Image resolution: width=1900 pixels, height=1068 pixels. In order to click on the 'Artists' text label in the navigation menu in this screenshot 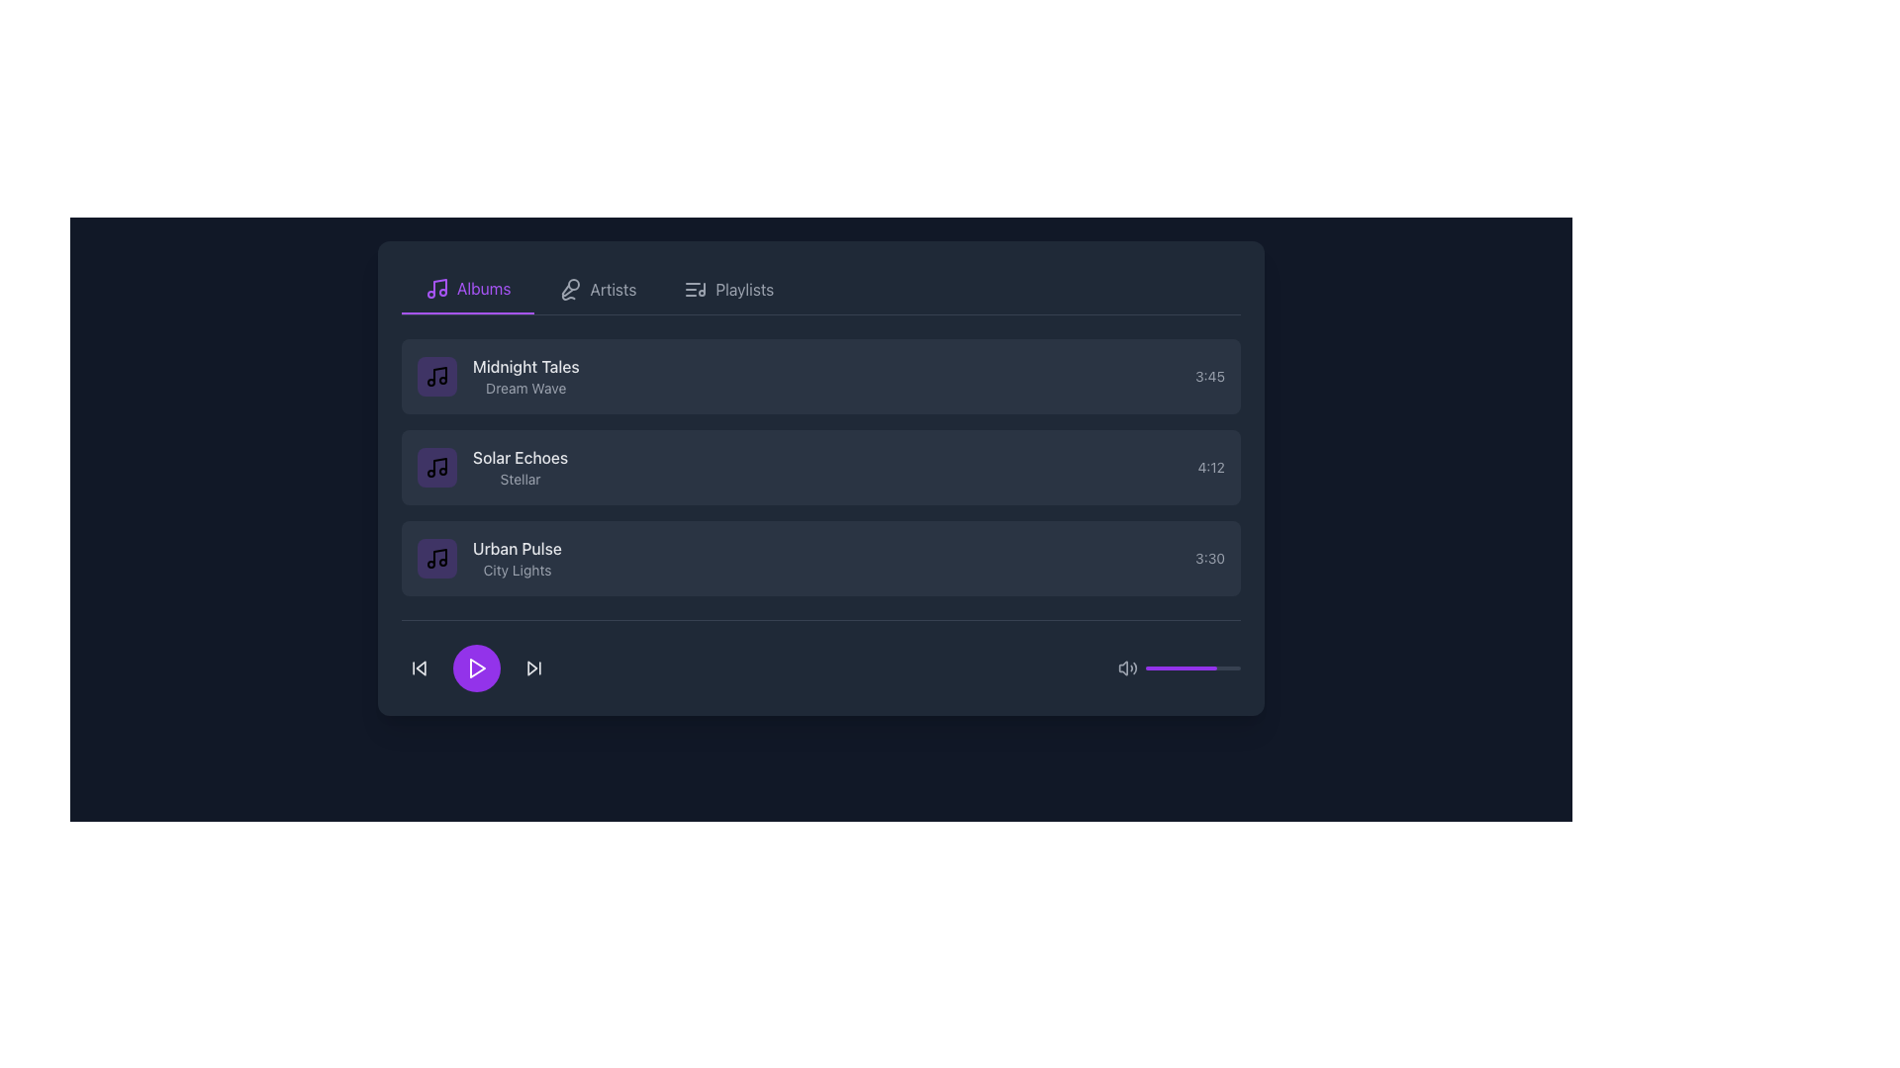, I will do `click(612, 290)`.